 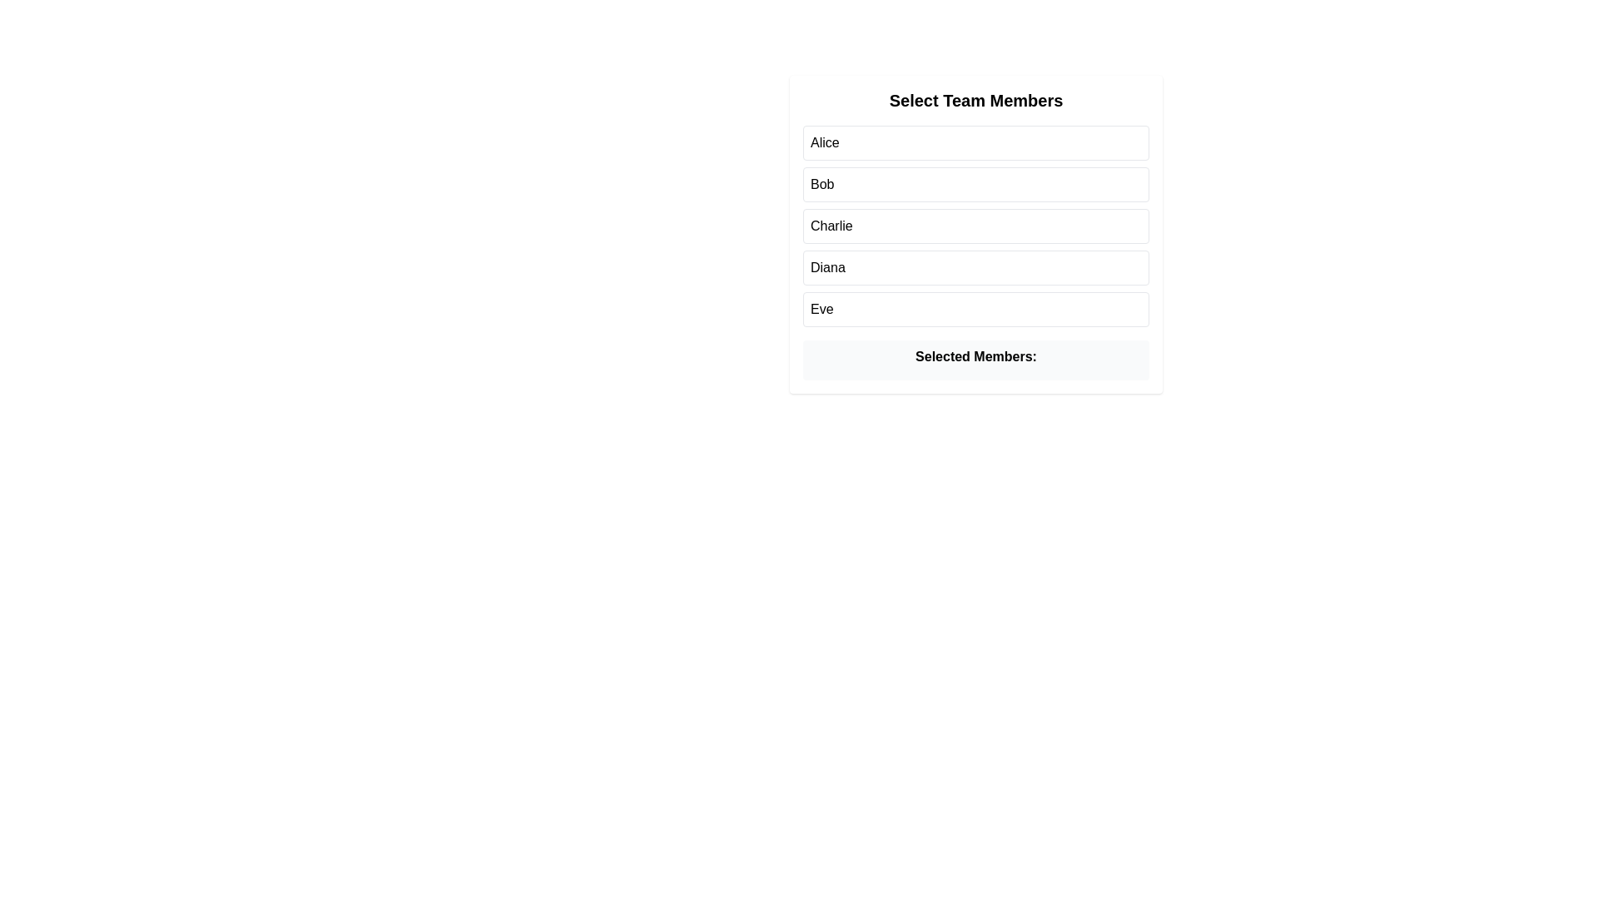 I want to click on the list item labeled 'Alice', so click(x=975, y=142).